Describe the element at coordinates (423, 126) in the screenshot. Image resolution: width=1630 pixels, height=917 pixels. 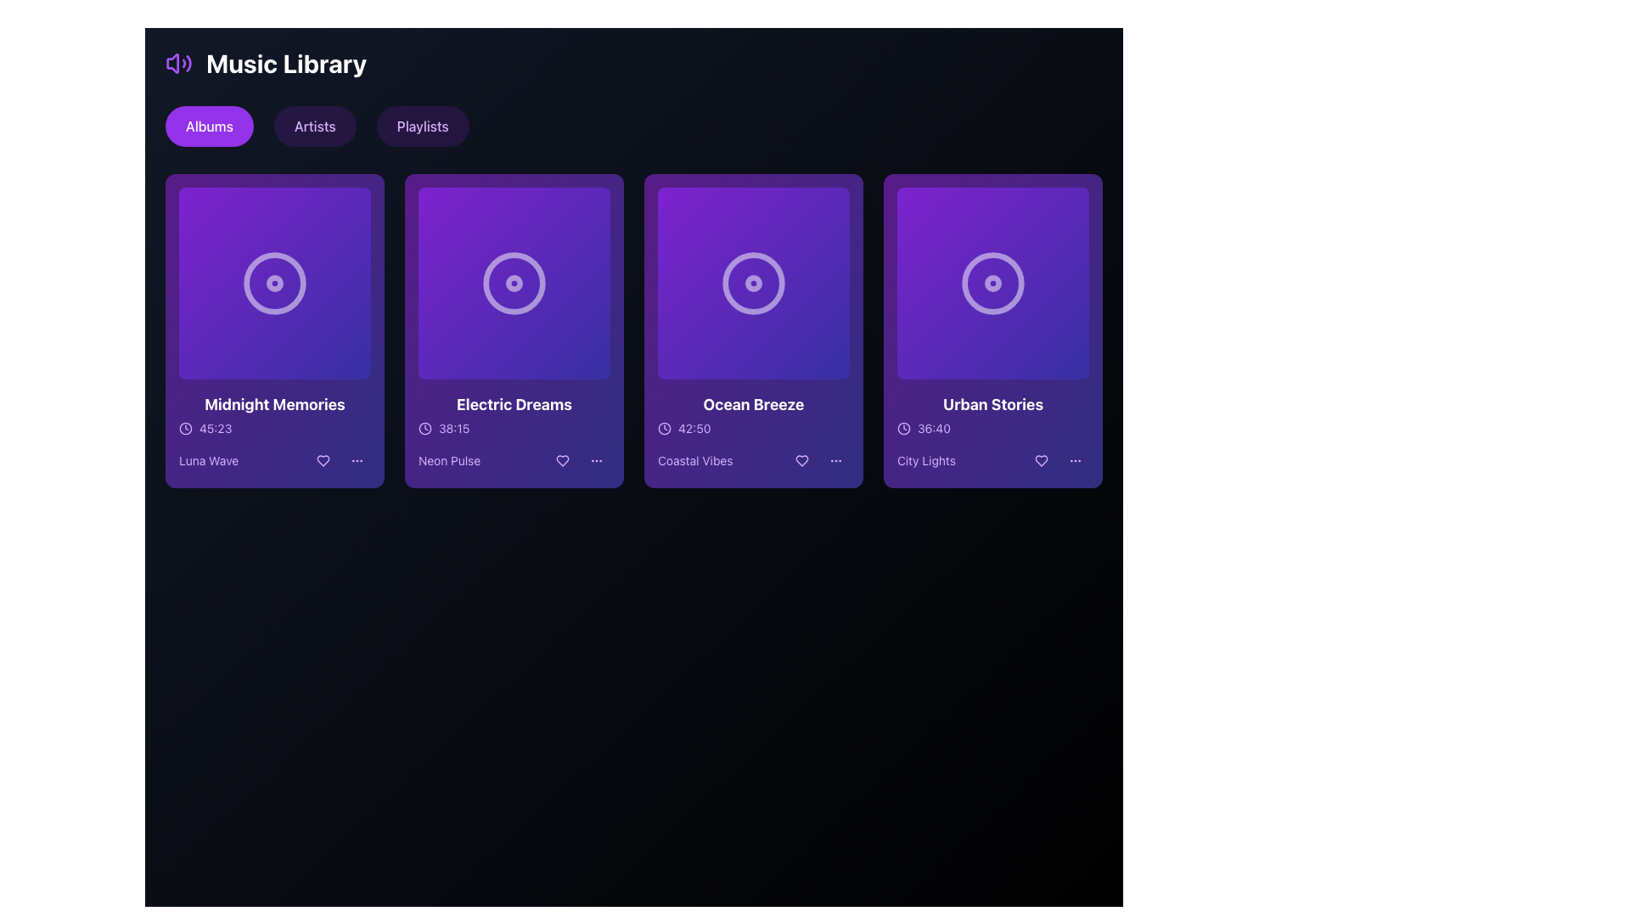
I see `the rounded rectangular button labeled 'playlists' with purple text` at that location.